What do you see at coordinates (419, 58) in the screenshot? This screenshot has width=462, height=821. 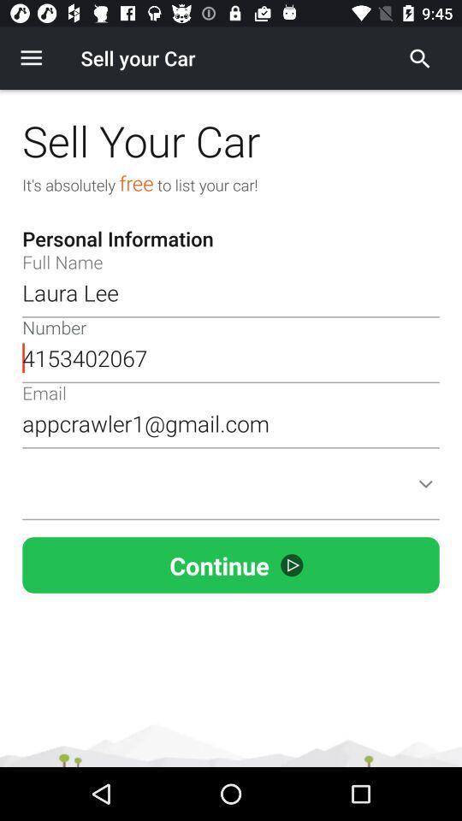 I see `item next to the sell your car item` at bounding box center [419, 58].